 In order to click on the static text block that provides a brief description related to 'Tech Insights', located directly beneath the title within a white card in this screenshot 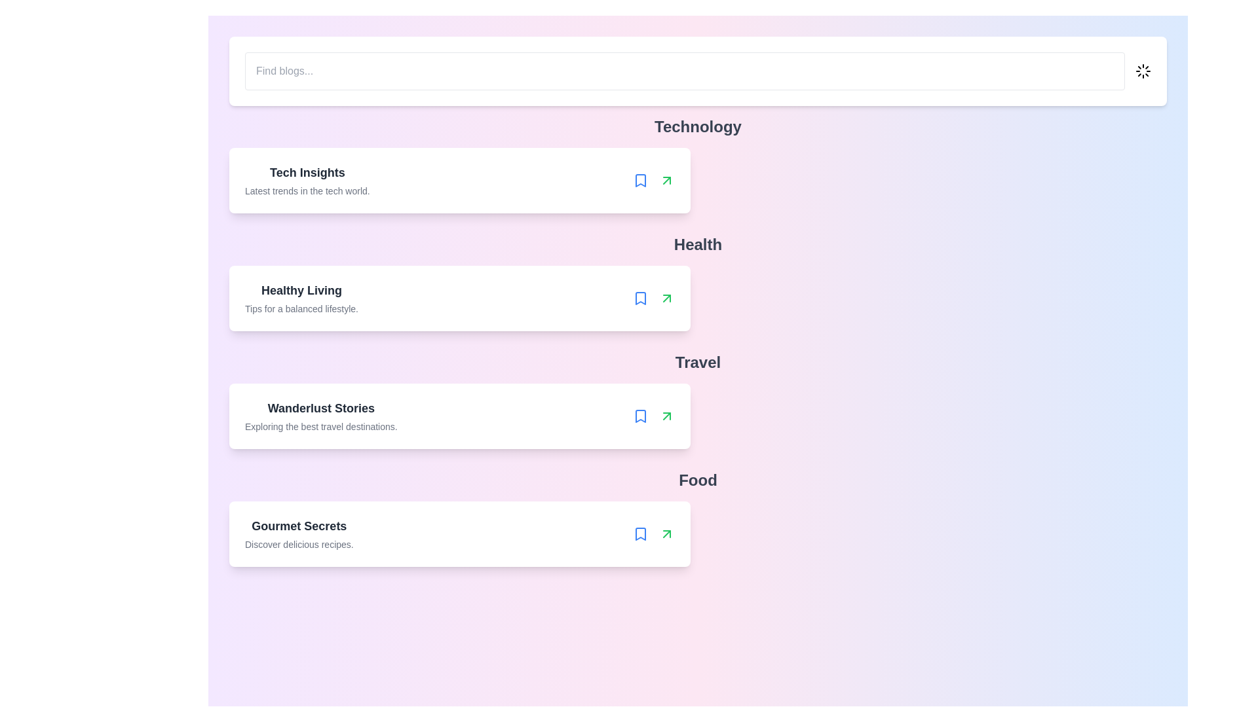, I will do `click(307, 191)`.